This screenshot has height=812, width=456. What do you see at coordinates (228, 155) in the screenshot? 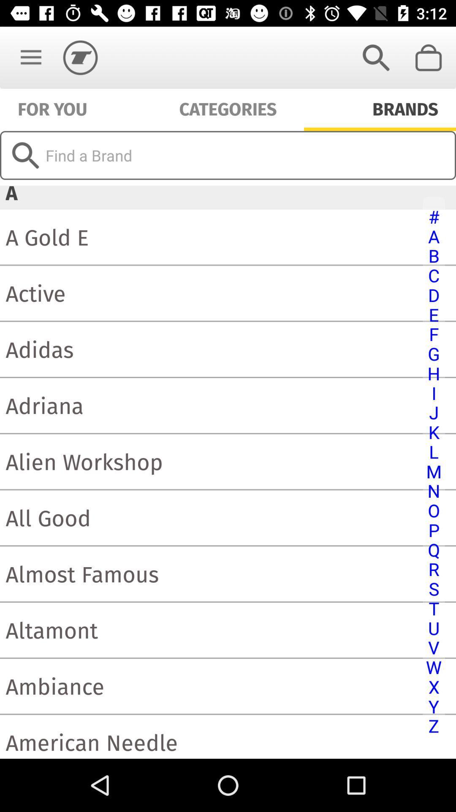
I see `search for band by name` at bounding box center [228, 155].